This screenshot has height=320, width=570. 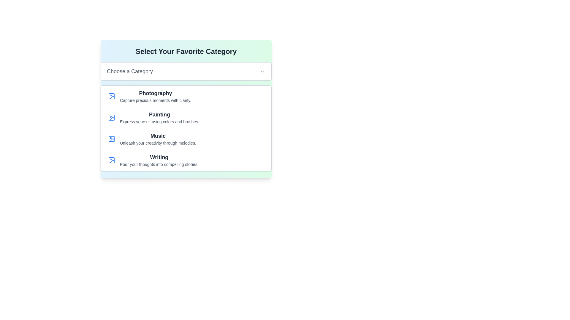 What do you see at coordinates (186, 118) in the screenshot?
I see `the list item for the 'Painting' category, which features a blue outline icon and two lines of text, with the first line boldly stating 'Painting'` at bounding box center [186, 118].